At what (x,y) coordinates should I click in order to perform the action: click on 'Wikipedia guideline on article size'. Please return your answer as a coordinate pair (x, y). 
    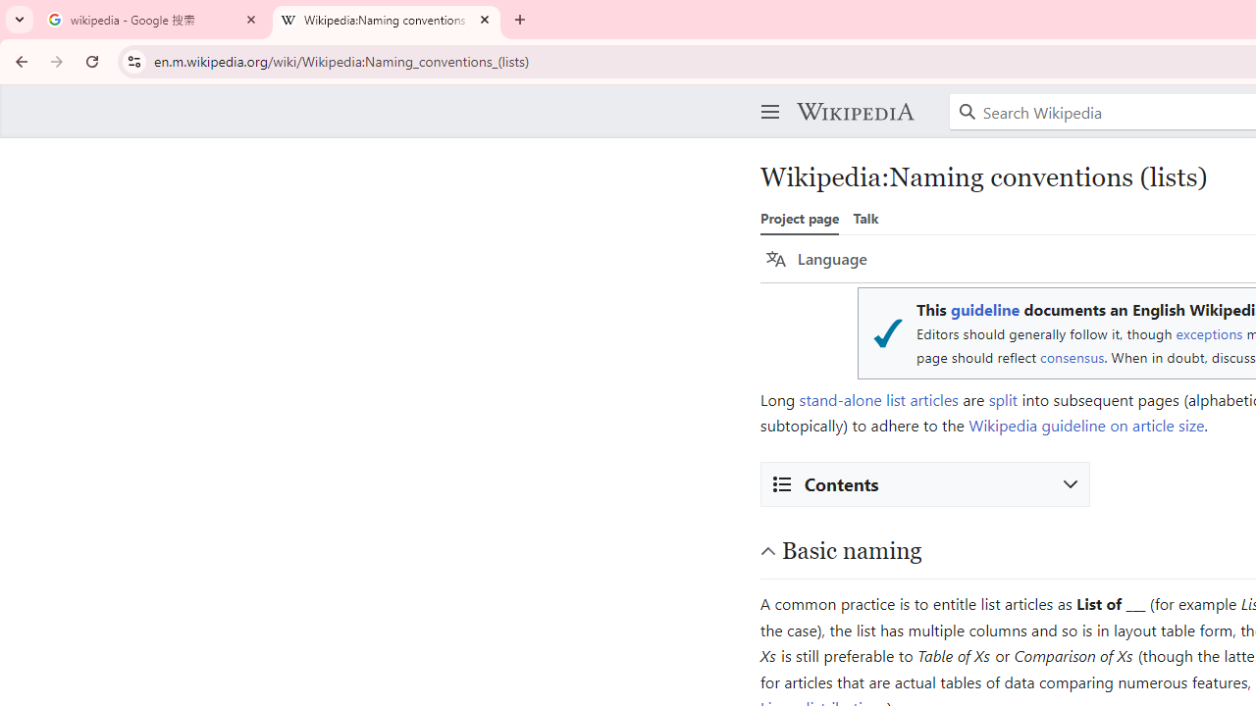
    Looking at the image, I should click on (1085, 425).